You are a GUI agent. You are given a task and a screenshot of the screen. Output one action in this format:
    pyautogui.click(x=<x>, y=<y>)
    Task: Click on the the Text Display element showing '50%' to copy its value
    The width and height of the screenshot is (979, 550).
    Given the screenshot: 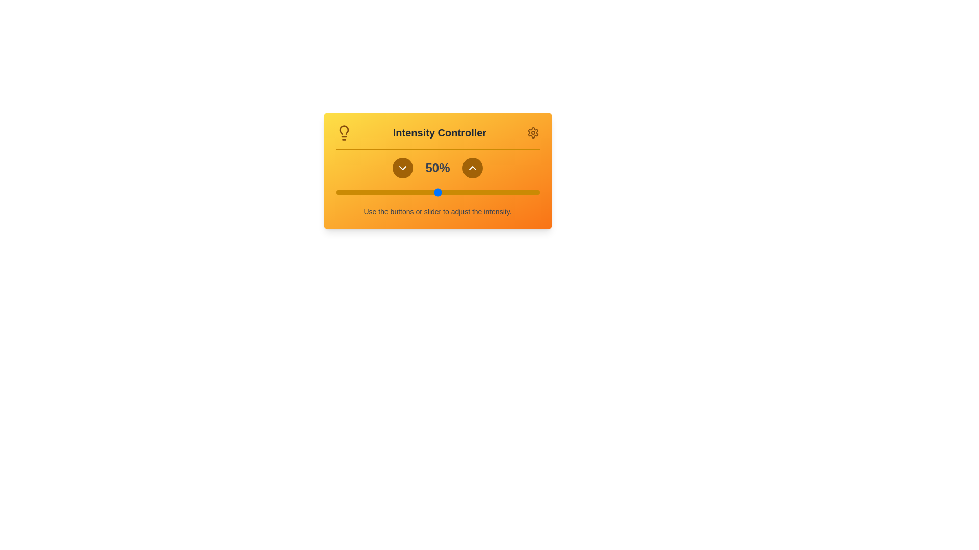 What is the action you would take?
    pyautogui.click(x=437, y=168)
    